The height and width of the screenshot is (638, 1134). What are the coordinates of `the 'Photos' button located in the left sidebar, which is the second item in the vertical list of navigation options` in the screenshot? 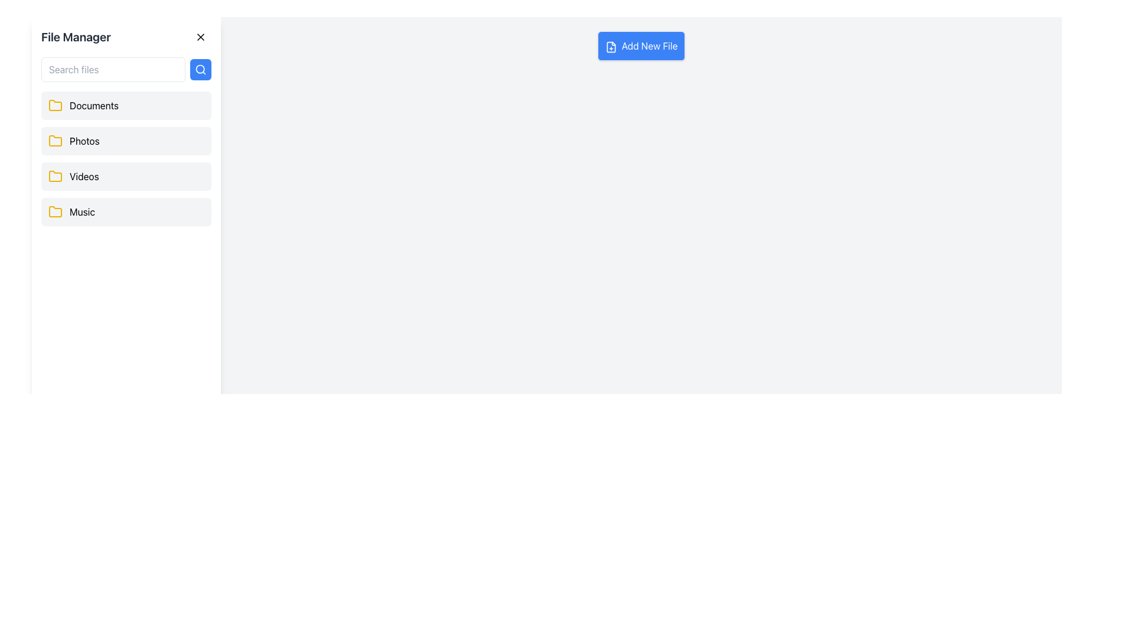 It's located at (126, 141).